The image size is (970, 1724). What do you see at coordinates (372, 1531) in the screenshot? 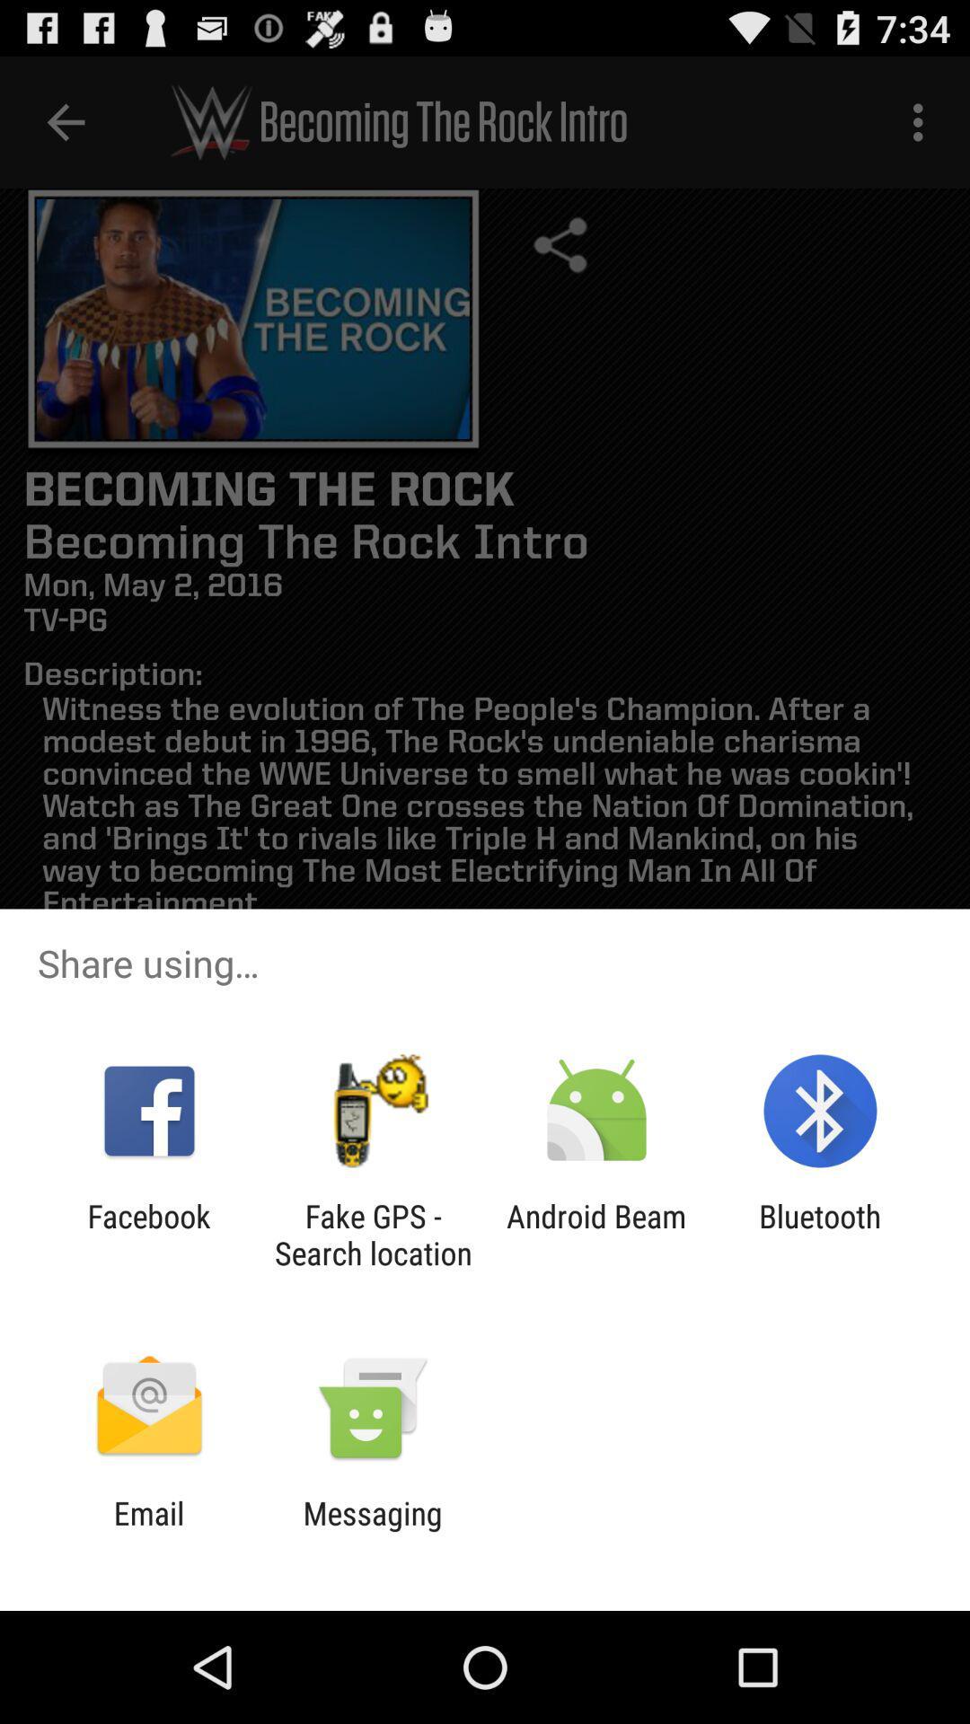
I see `messaging` at bounding box center [372, 1531].